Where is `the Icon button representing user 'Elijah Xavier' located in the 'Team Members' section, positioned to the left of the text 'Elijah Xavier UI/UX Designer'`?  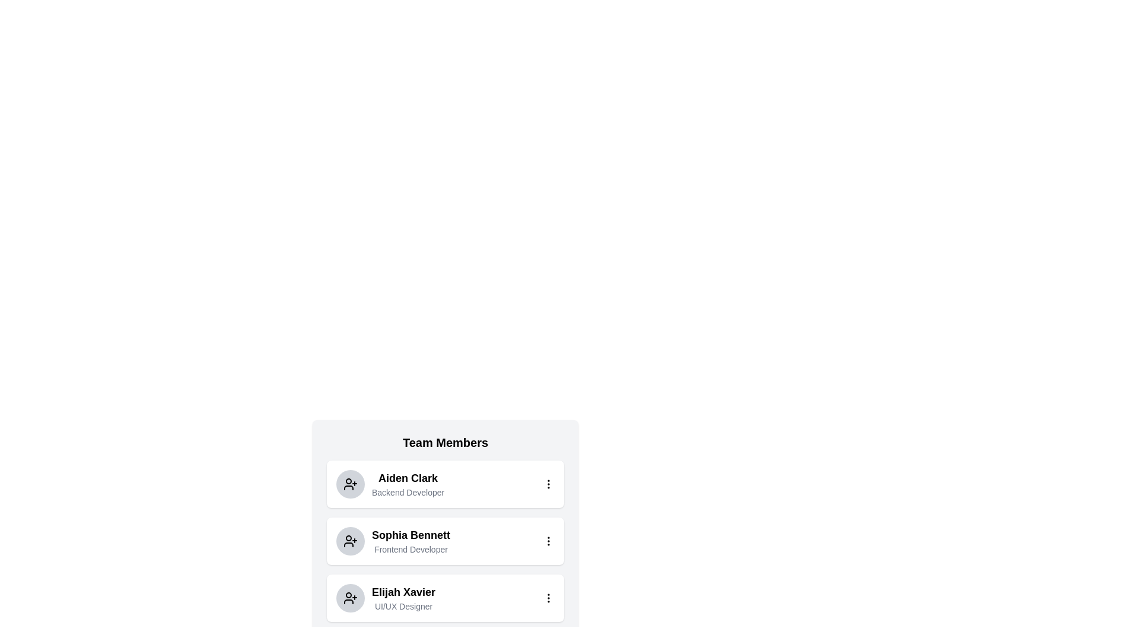
the Icon button representing user 'Elijah Xavier' located in the 'Team Members' section, positioned to the left of the text 'Elijah Xavier UI/UX Designer' is located at coordinates (349, 598).